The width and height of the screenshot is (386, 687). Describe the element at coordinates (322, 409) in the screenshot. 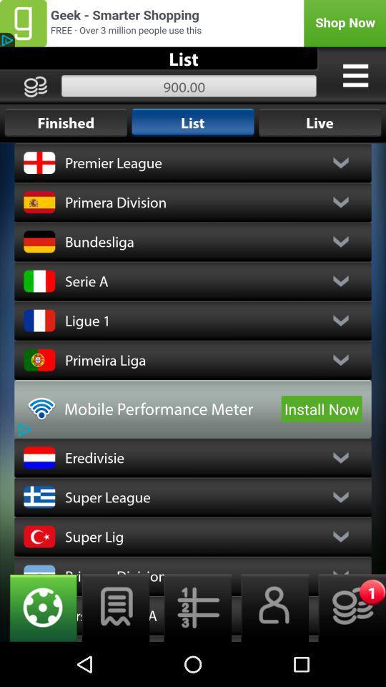

I see `icon above  eredivisie item` at that location.